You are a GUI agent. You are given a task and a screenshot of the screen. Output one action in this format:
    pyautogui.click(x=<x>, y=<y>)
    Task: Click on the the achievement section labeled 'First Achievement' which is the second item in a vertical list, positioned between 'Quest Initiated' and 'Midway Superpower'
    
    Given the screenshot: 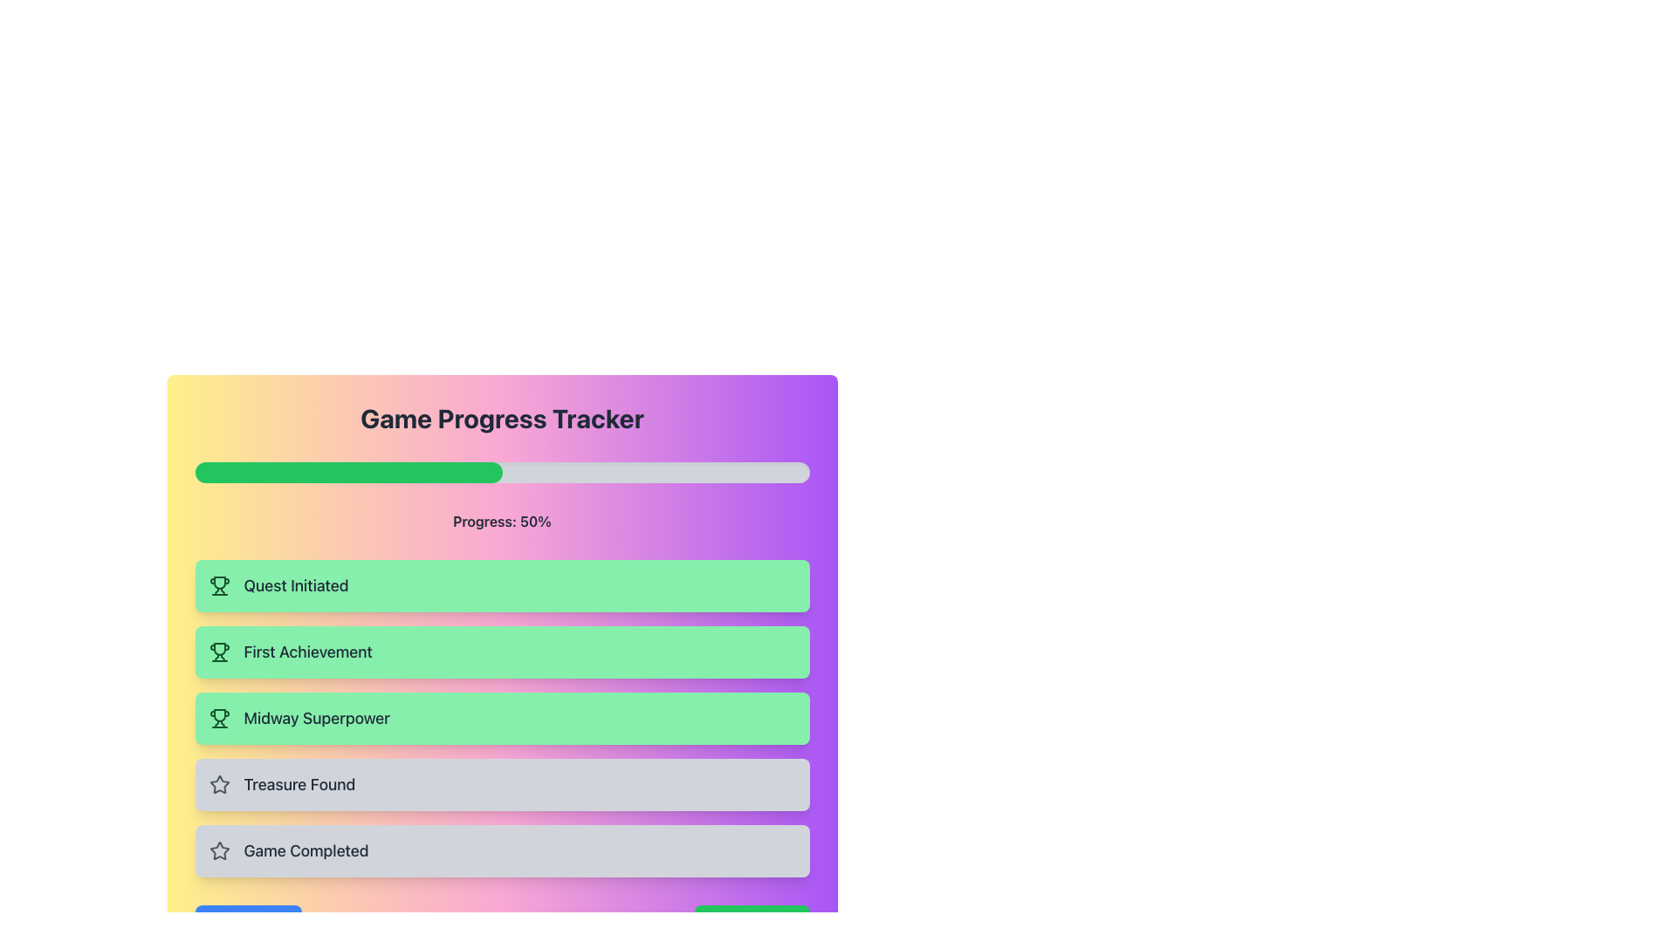 What is the action you would take?
    pyautogui.click(x=501, y=652)
    